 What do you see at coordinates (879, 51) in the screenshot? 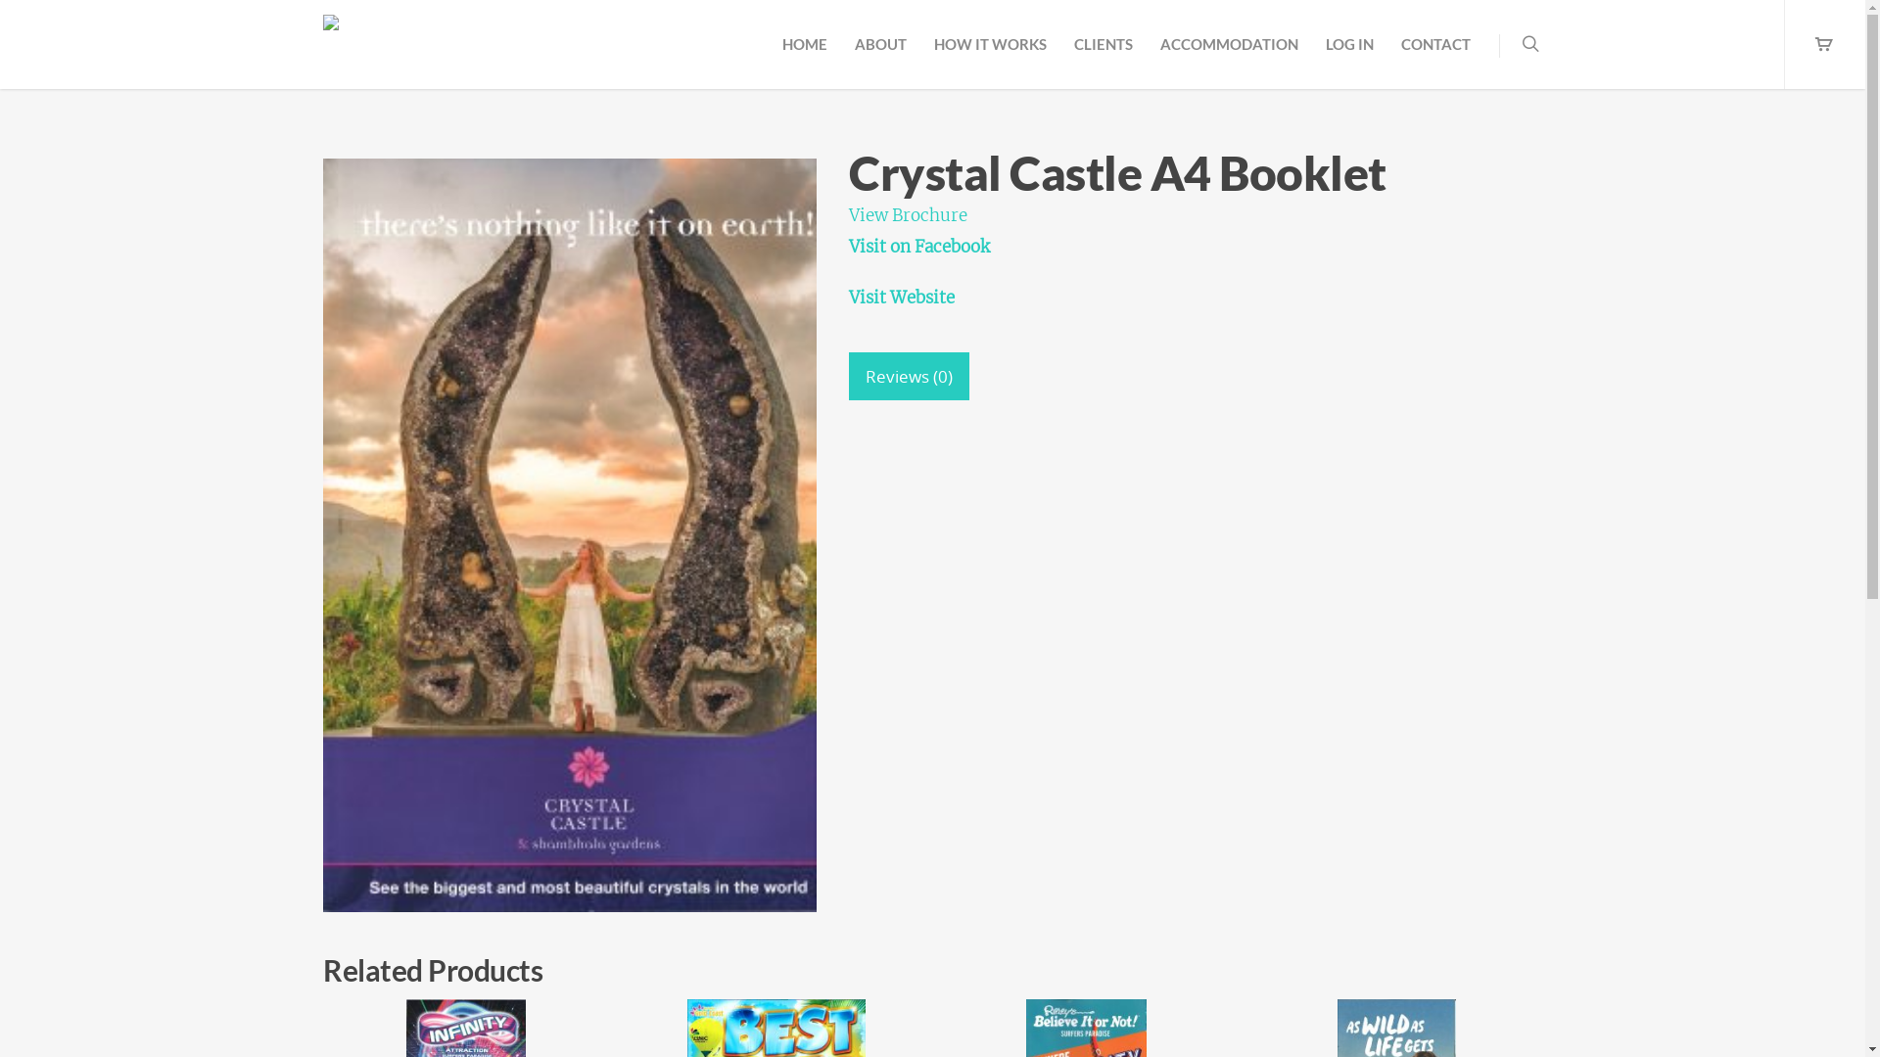
I see `'ABOUT'` at bounding box center [879, 51].